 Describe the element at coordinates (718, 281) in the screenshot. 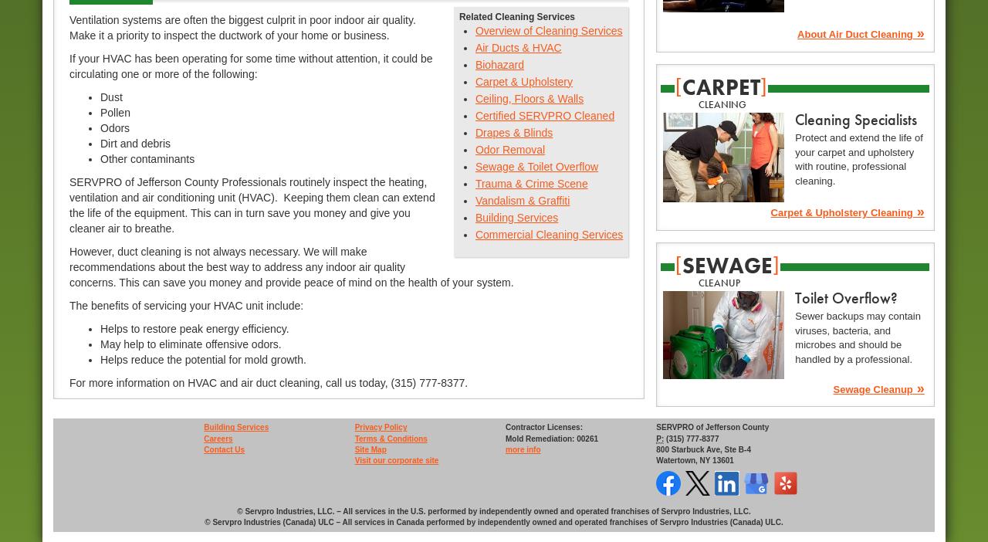

I see `'cleanup'` at that location.